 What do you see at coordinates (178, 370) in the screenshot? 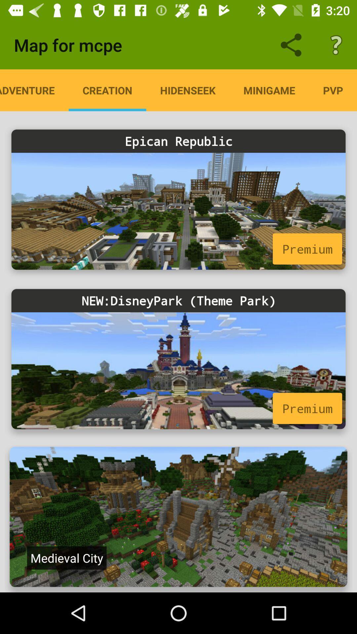
I see `new disneypark theme park` at bounding box center [178, 370].